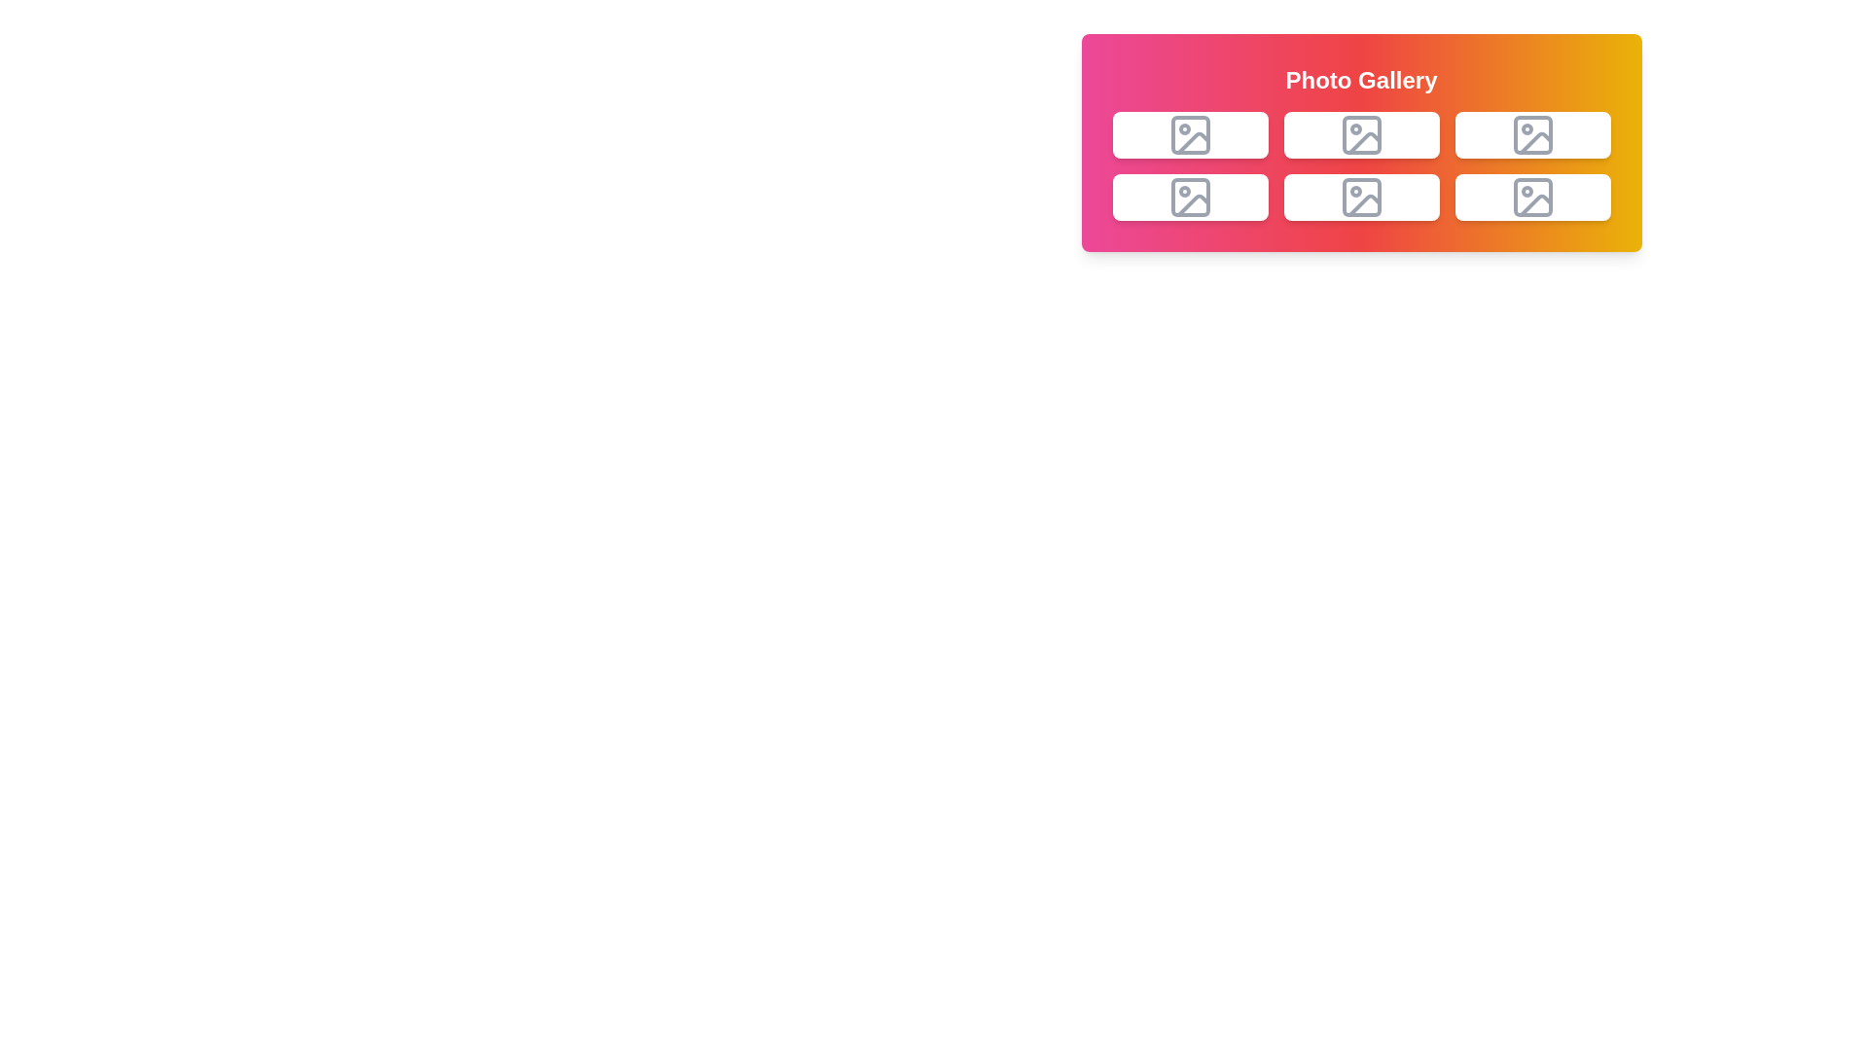 This screenshot has width=1868, height=1051. Describe the element at coordinates (1335, 133) in the screenshot. I see `the visibility toggle button with an eye icon, located in the top-right row of interactive buttons, just left of the heart icon button` at that location.